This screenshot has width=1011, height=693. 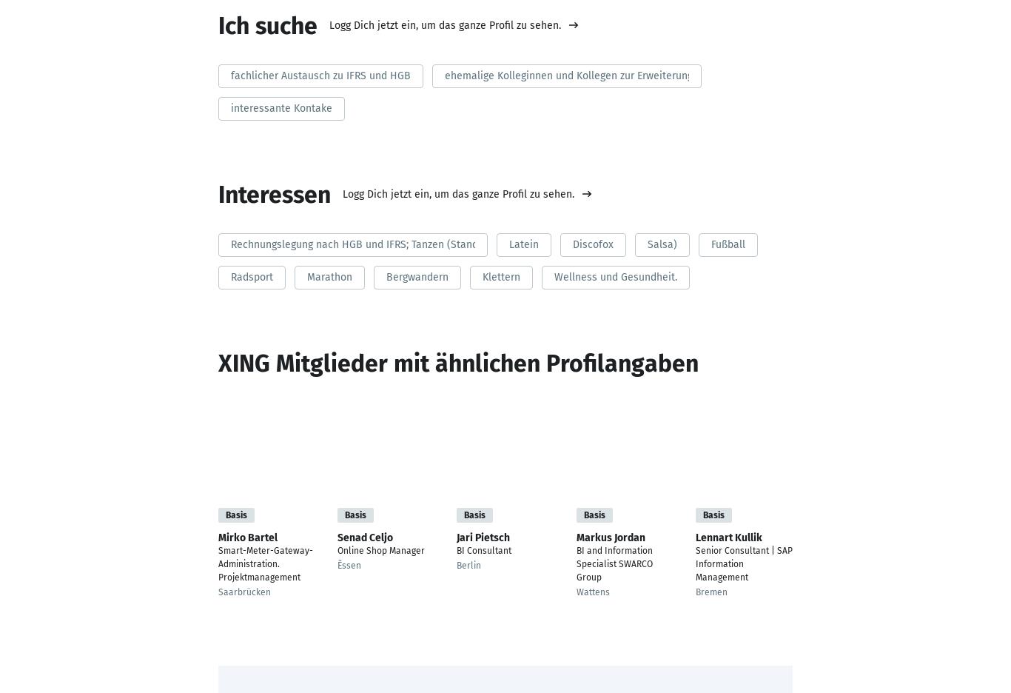 I want to click on 'Istvan Bogdan', so click(x=813, y=536).